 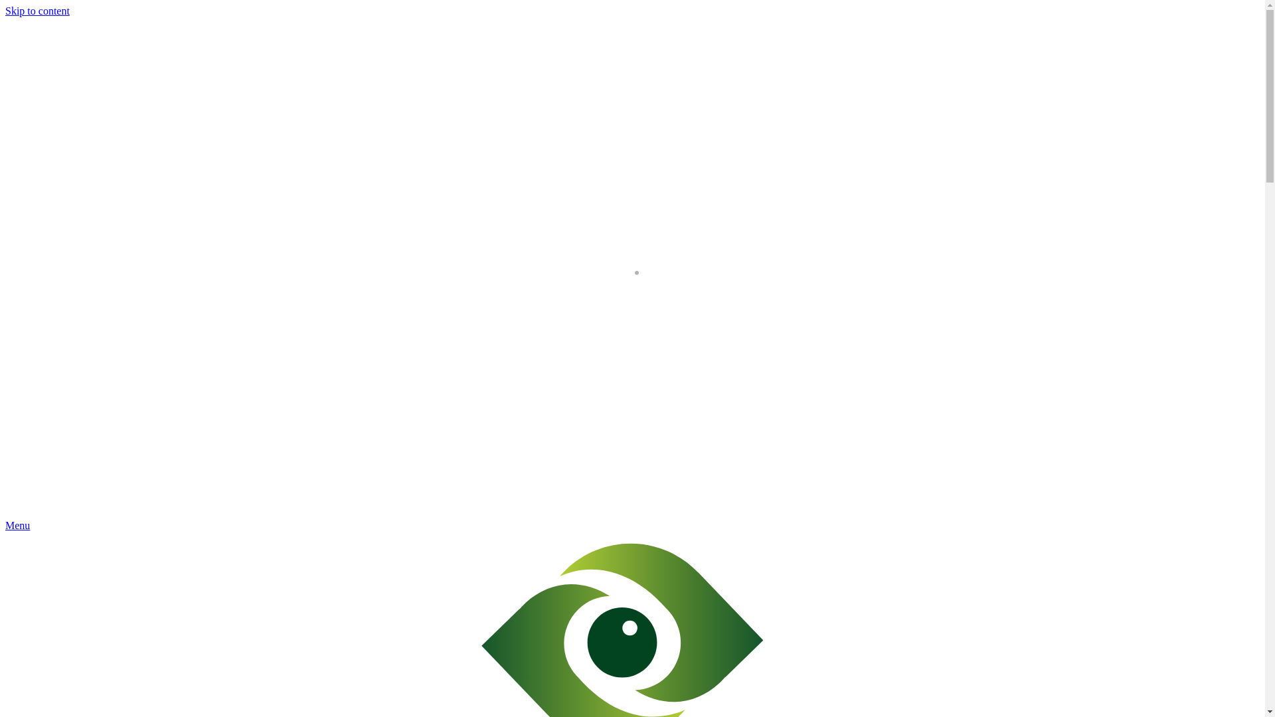 I want to click on 'Skip to content', so click(x=37, y=11).